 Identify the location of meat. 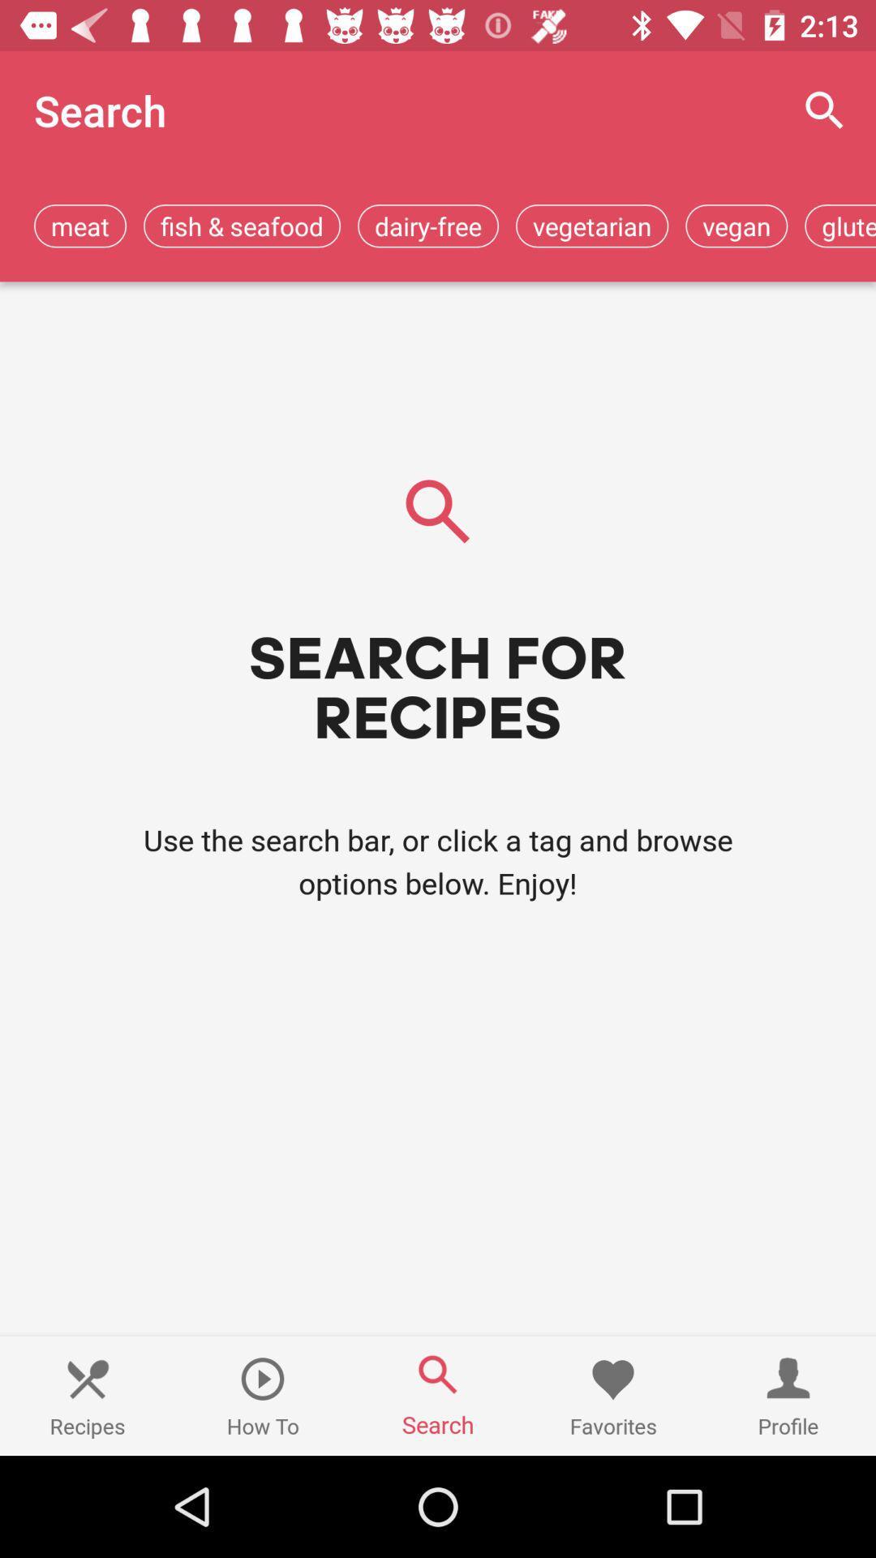
(80, 225).